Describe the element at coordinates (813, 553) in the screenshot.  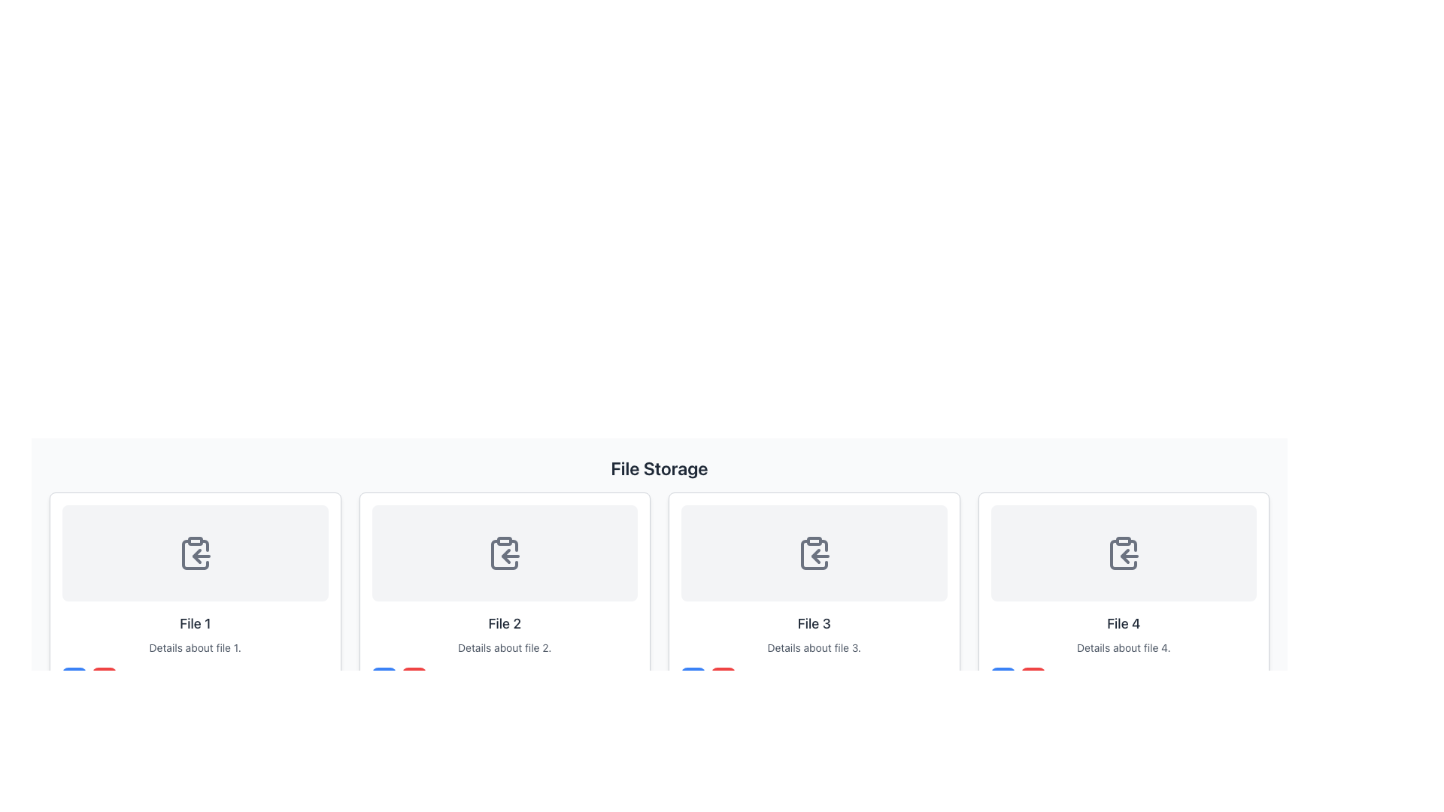
I see `the clipboard icon with a left-pointing arrow on it, located in the third file card ('File 3') from the left` at that location.